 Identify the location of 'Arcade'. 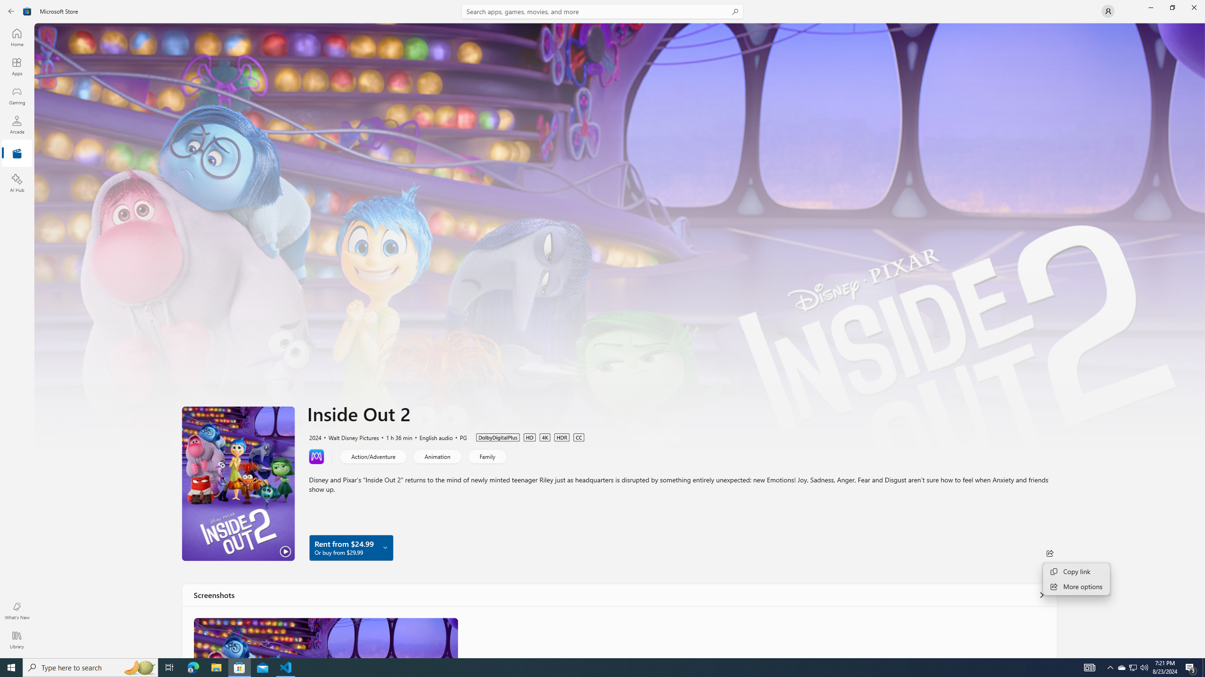
(16, 124).